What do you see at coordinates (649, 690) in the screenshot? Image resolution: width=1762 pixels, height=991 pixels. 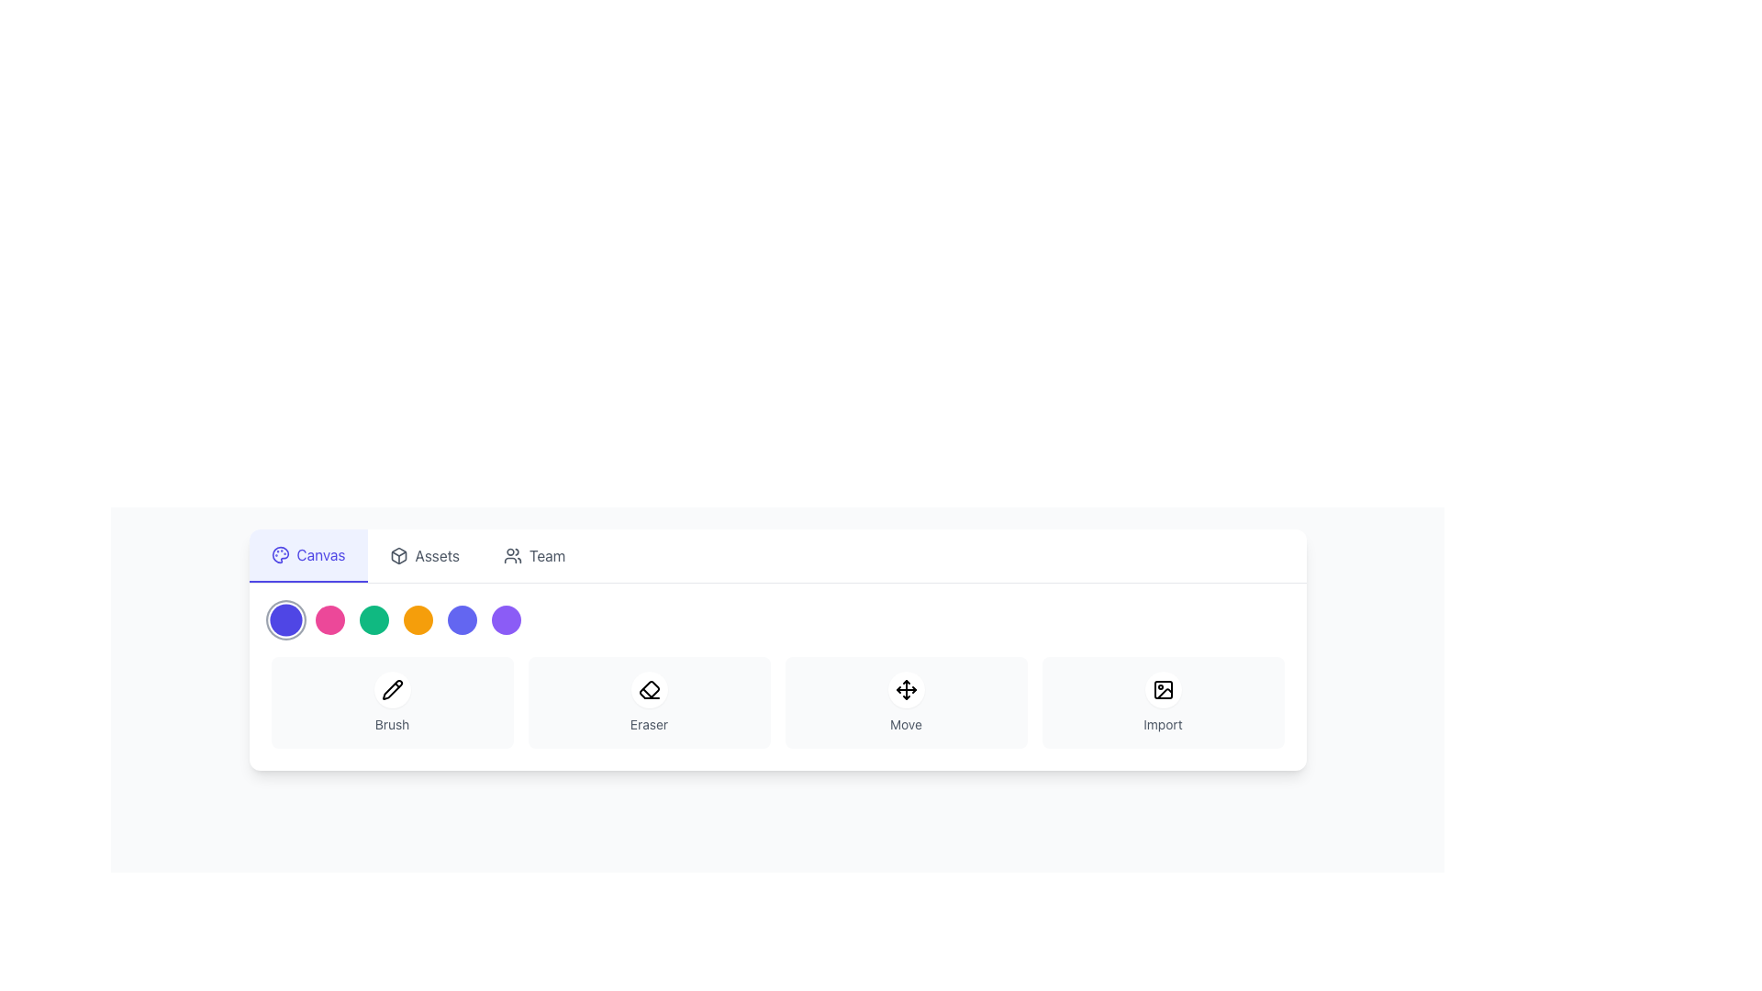 I see `the eraser button located in the middle of the toolbar grid` at bounding box center [649, 690].